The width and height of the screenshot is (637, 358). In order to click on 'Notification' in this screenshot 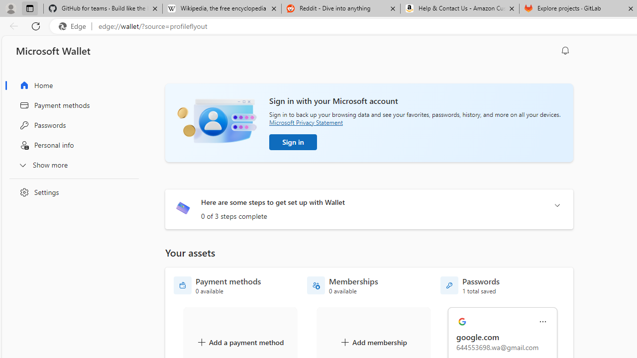, I will do `click(565, 50)`.